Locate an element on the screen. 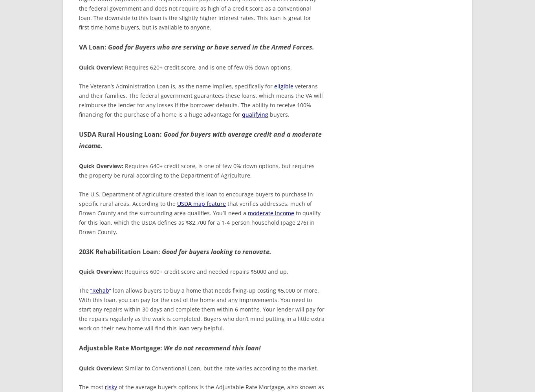 Image resolution: width=535 pixels, height=392 pixels. 'Requires 620+ credit score, and is one of few 0% down options.' is located at coordinates (208, 66).